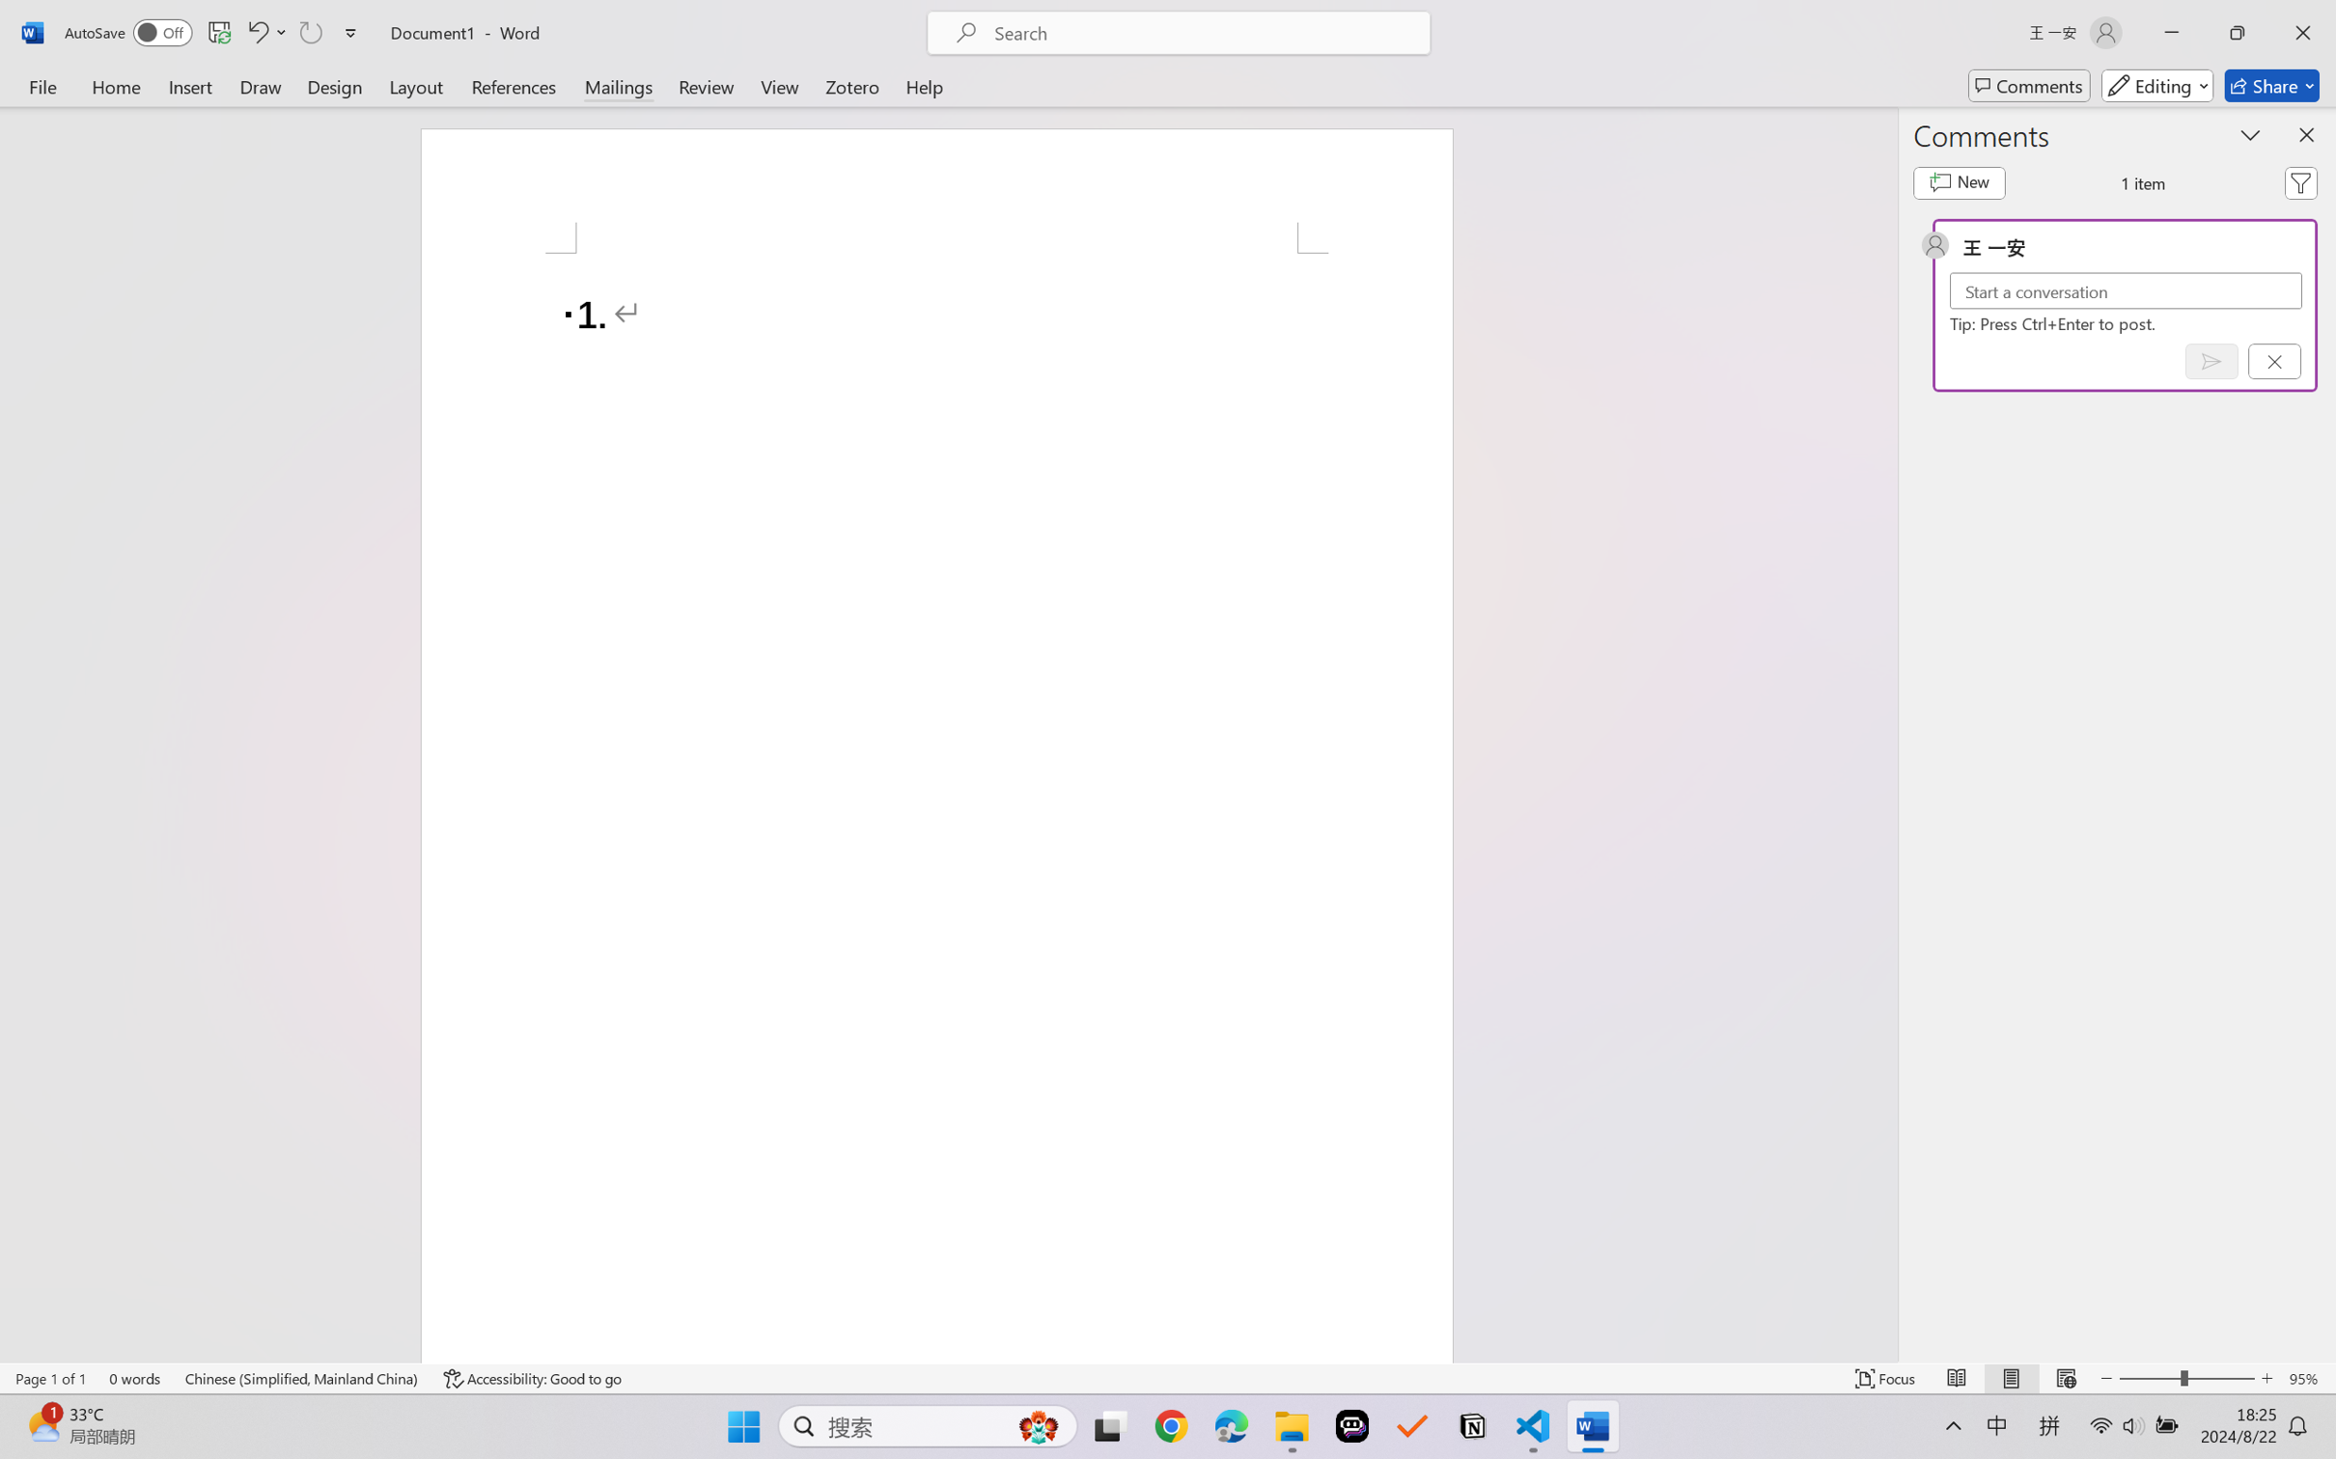 The image size is (2336, 1459). What do you see at coordinates (2273, 361) in the screenshot?
I see `'Cancel'` at bounding box center [2273, 361].